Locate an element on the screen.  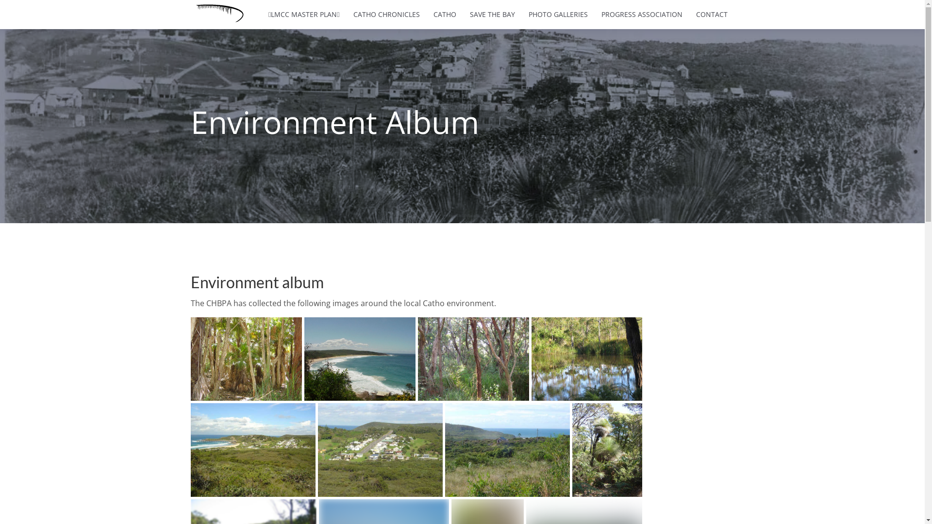
'SAVE THE BAY' is located at coordinates (492, 14).